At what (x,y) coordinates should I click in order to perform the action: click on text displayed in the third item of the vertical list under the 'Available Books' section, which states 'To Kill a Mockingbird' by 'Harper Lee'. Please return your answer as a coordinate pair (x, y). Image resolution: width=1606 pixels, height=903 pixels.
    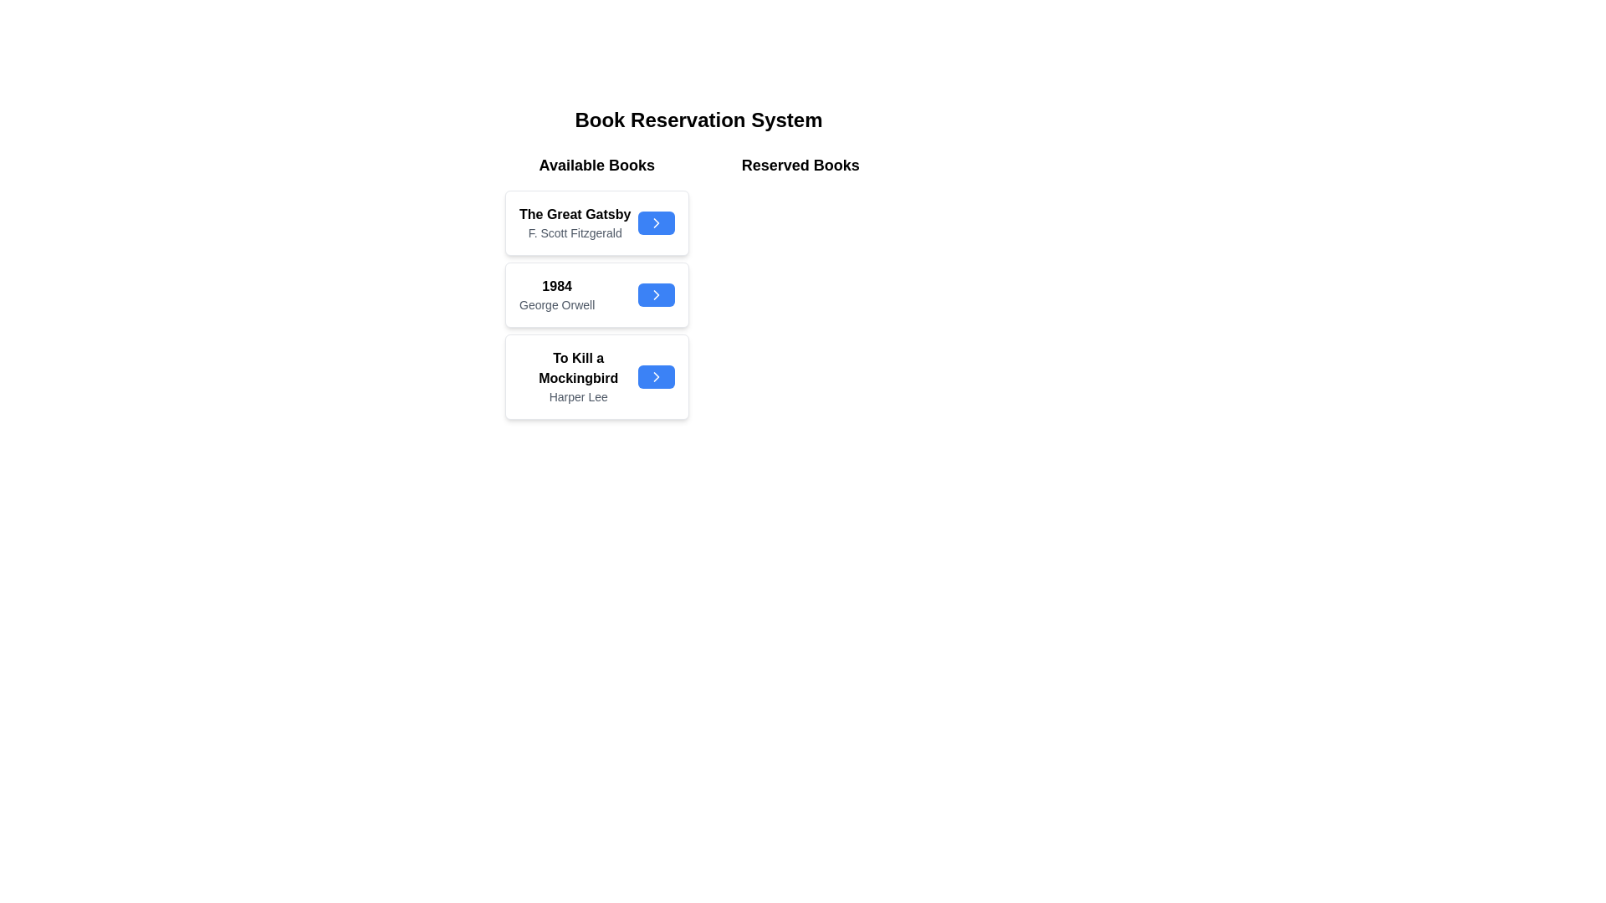
    Looking at the image, I should click on (578, 377).